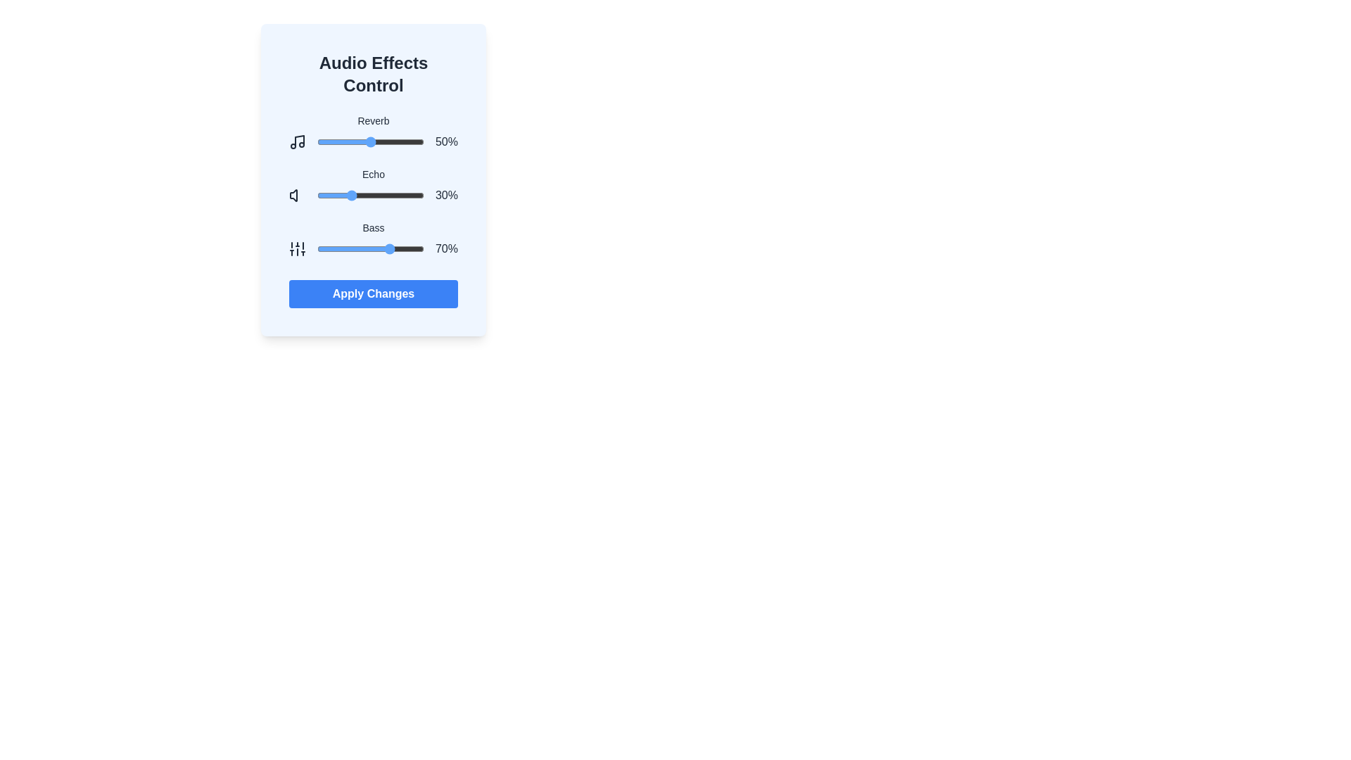  Describe the element at coordinates (414, 195) in the screenshot. I see `Echo effect level` at that location.